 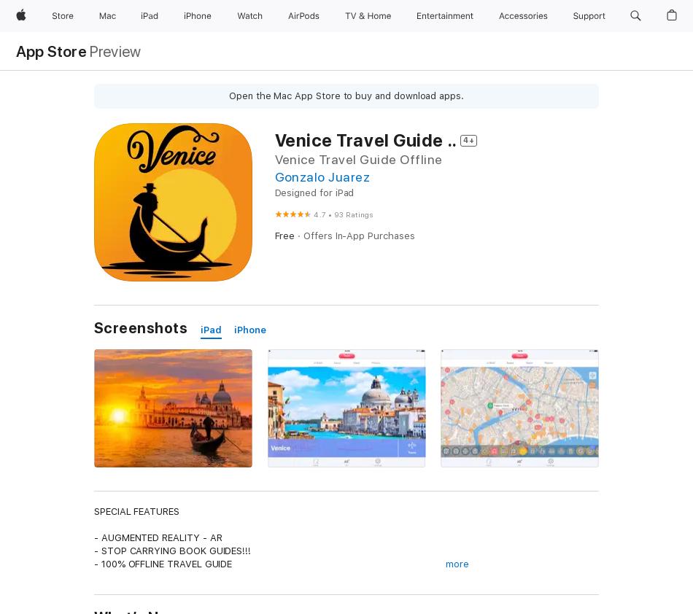 I want to click on '- OFFLINE METRO MAP', so click(x=144, y=577).